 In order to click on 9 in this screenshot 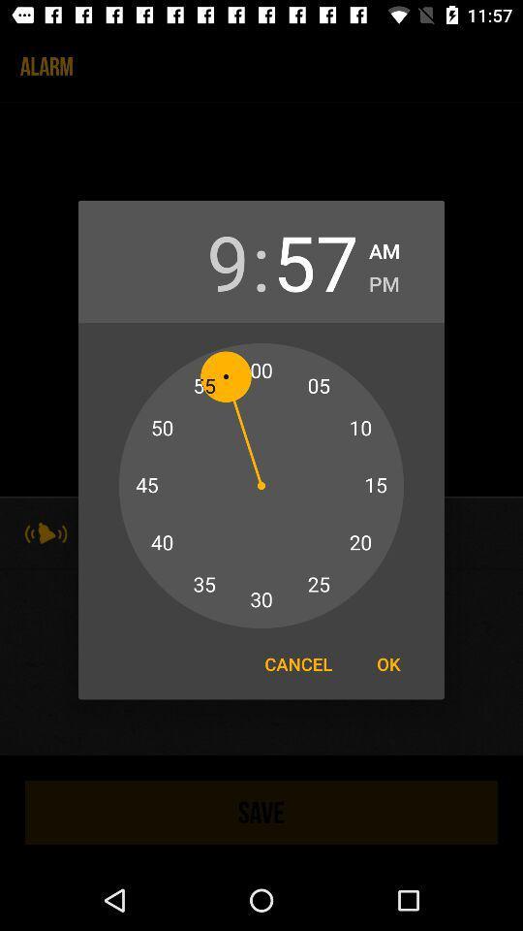, I will do `click(205, 260)`.